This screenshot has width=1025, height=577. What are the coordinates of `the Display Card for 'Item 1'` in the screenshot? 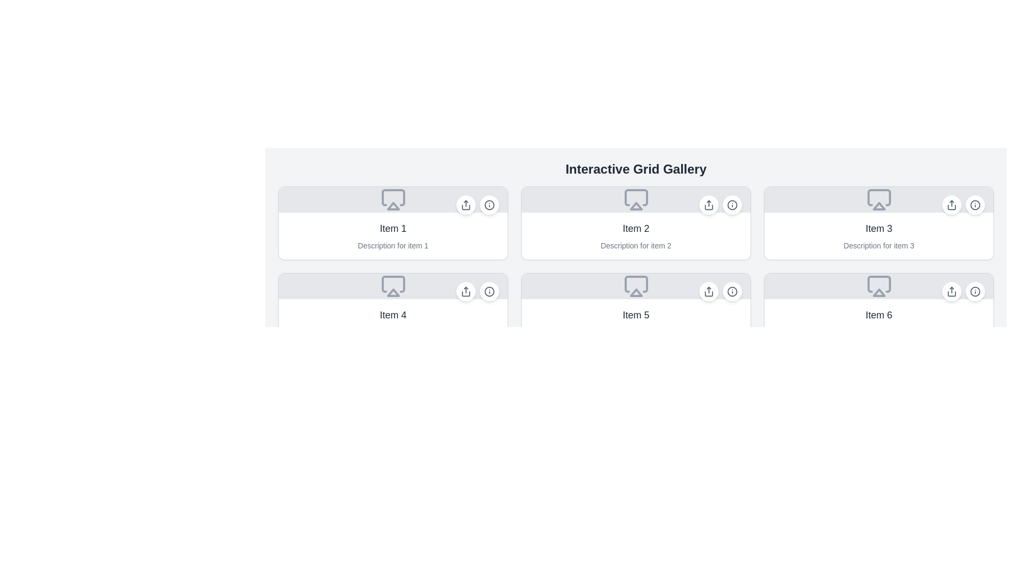 It's located at (392, 222).